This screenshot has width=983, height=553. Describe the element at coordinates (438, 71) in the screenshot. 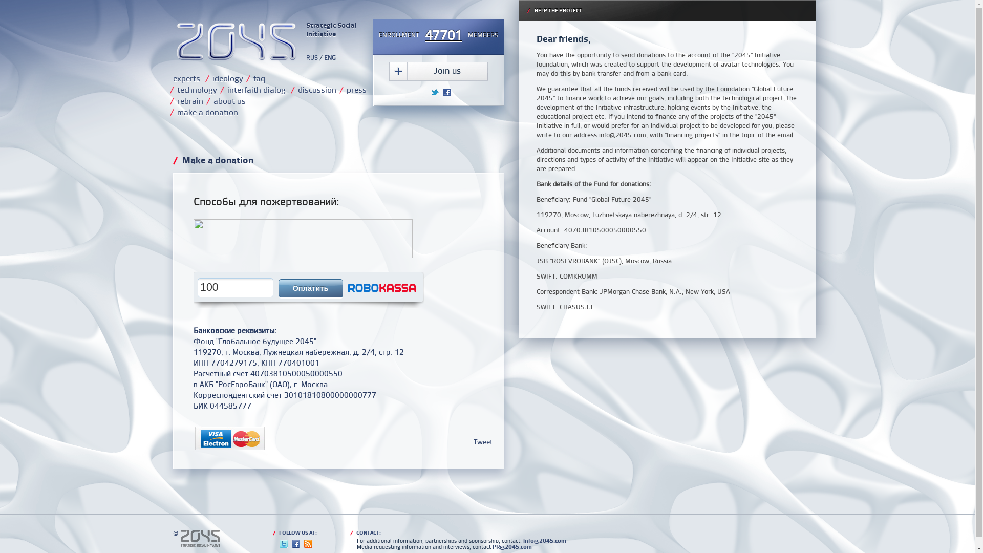

I see `'Join us'` at that location.